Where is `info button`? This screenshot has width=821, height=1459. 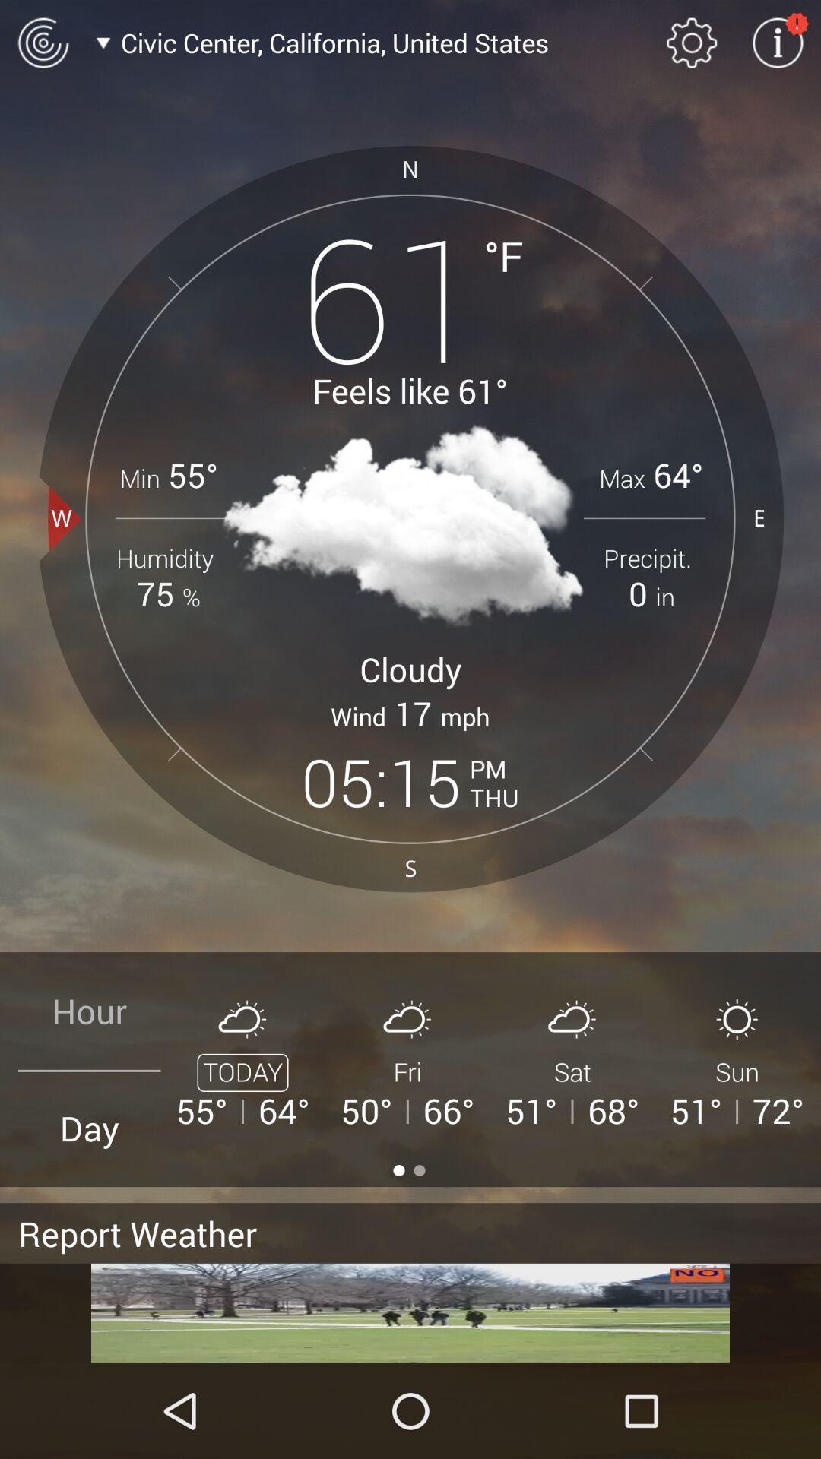
info button is located at coordinates (778, 43).